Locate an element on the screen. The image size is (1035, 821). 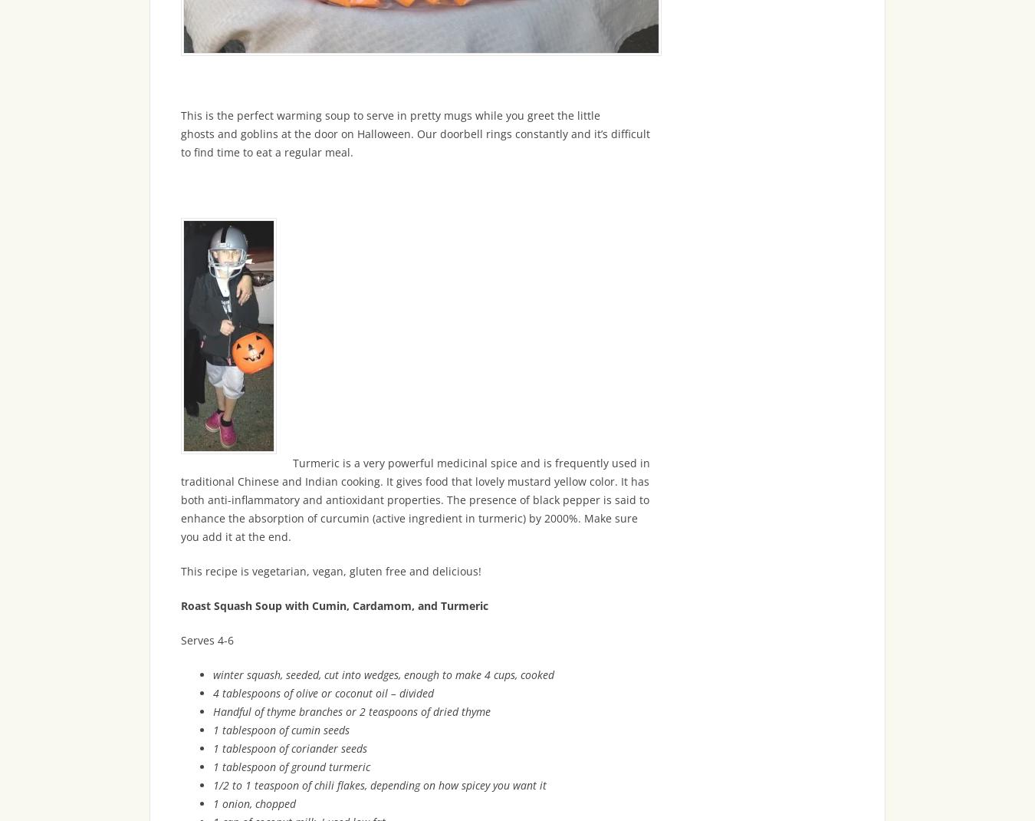
'This is the perfect warming soup to serve in pretty mugs while you greet the little ghosts and goblins at the door on Halloween. Our doorbell rings constantly and it’s difficult to find time to eat a regular meal.' is located at coordinates (415, 134).